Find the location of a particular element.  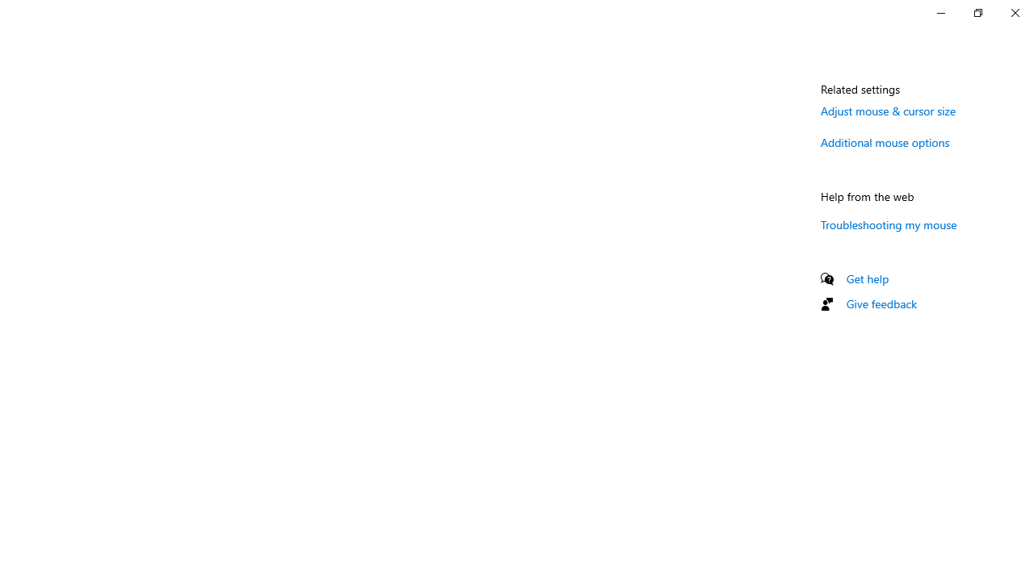

'Troubleshooting my mouse' is located at coordinates (888, 224).